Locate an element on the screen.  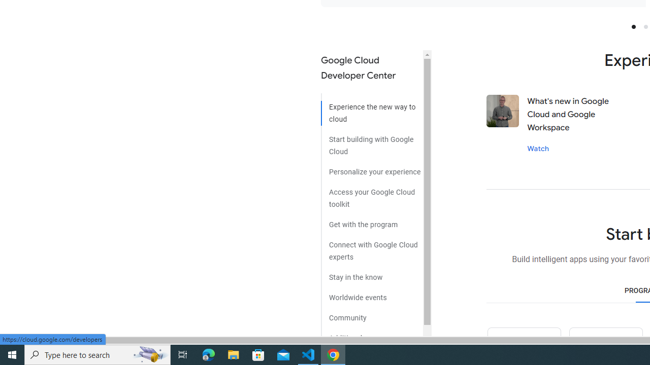
'Connect with Google Cloud experts' is located at coordinates (371, 247).